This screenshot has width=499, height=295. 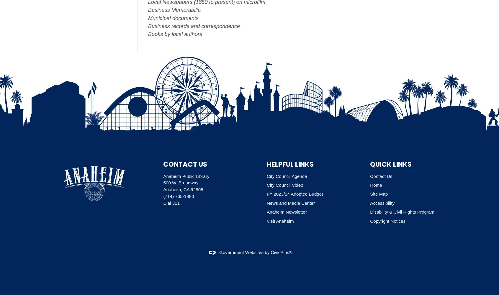 What do you see at coordinates (370, 212) in the screenshot?
I see `'Disability & Civil Rights Program'` at bounding box center [370, 212].